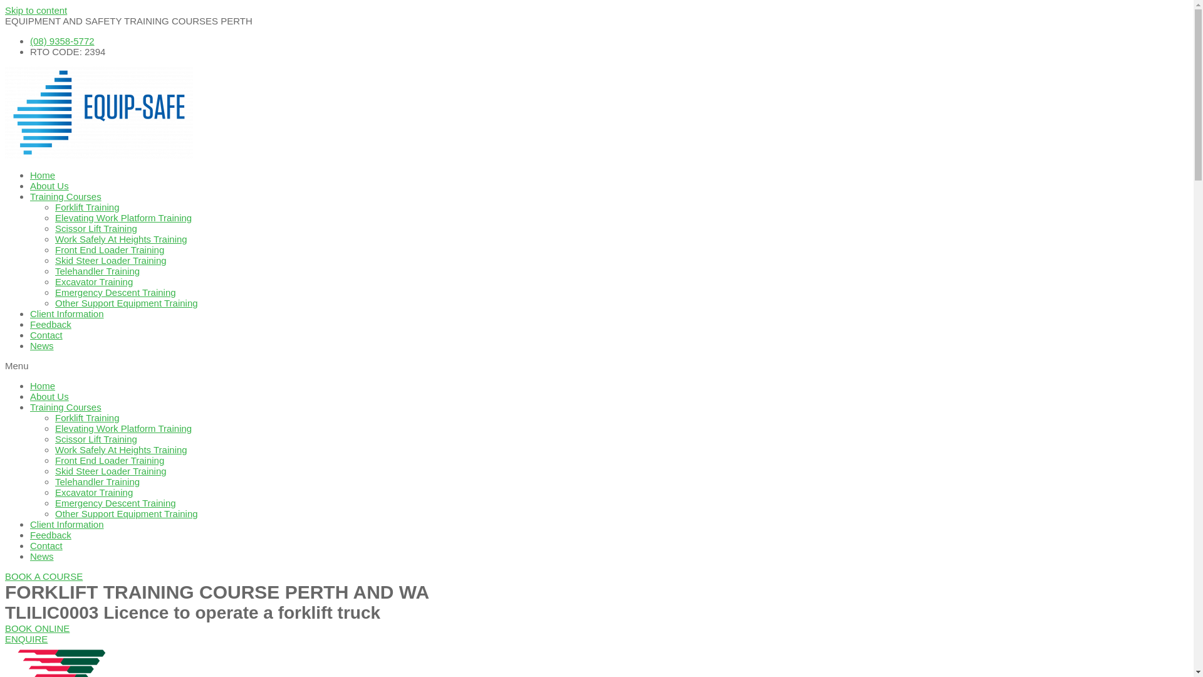  I want to click on 'Training Courses', so click(30, 196).